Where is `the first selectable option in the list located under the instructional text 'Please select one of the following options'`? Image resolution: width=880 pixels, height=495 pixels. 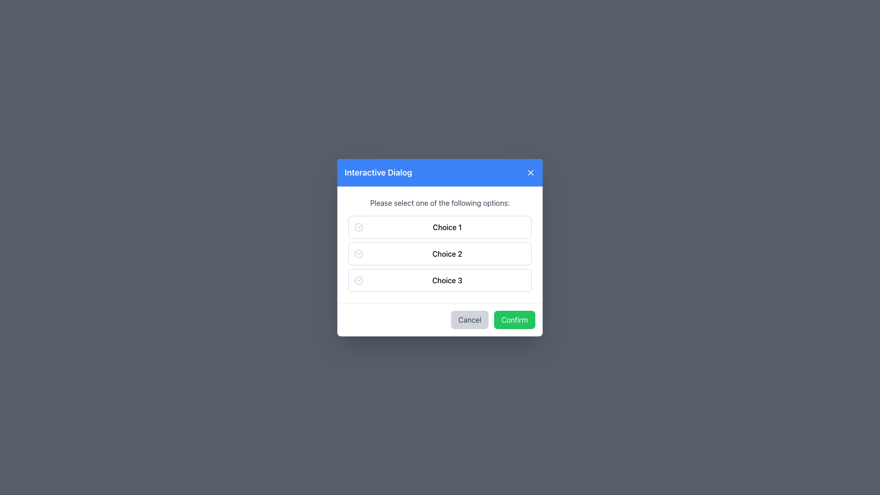 the first selectable option in the list located under the instructional text 'Please select one of the following options' is located at coordinates (440, 226).